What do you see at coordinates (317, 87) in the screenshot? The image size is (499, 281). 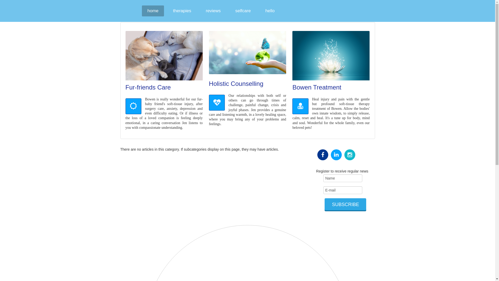 I see `'Bowen Treatment'` at bounding box center [317, 87].